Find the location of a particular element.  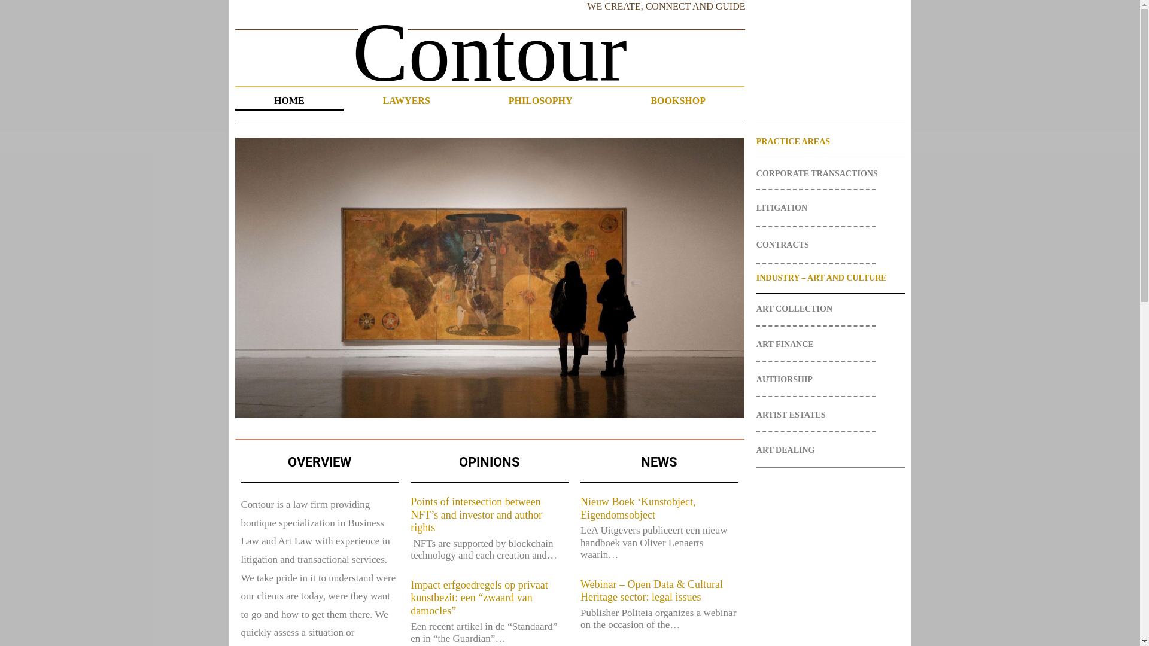

'CONTRACTS' is located at coordinates (755, 244).